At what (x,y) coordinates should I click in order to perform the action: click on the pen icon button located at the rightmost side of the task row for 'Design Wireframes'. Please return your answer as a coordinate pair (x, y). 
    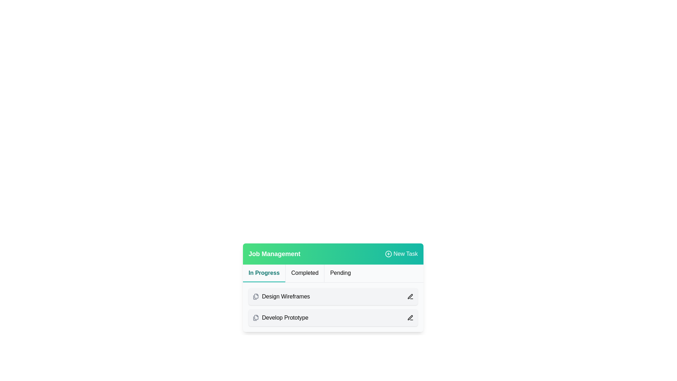
    Looking at the image, I should click on (410, 296).